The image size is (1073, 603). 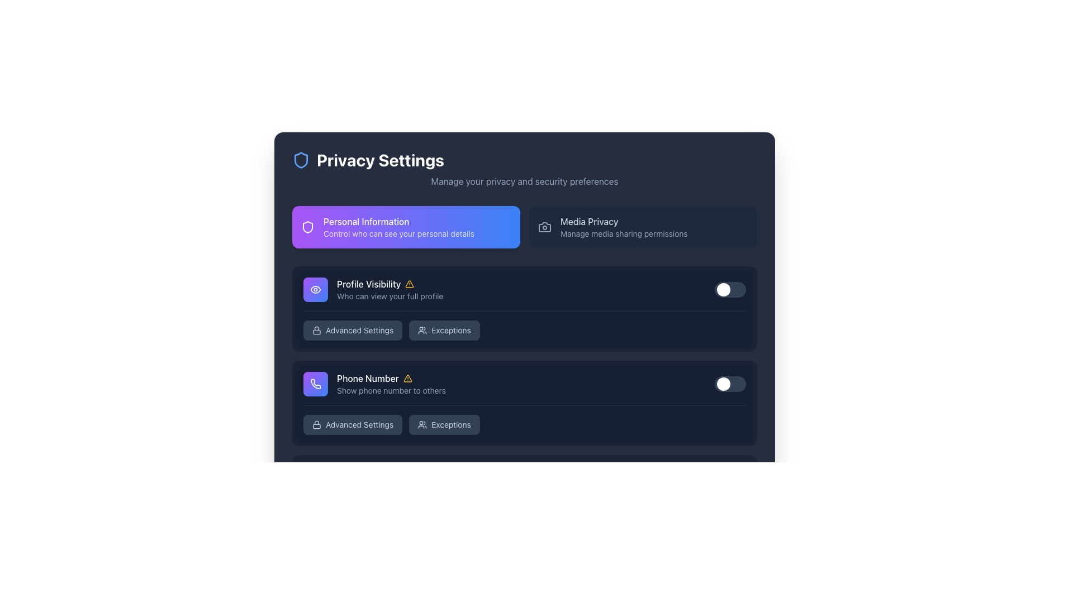 I want to click on the group of people icon located to the left of the 'Exceptions' button in the 'Profile Visibility' section of the settings interface, so click(x=422, y=424).